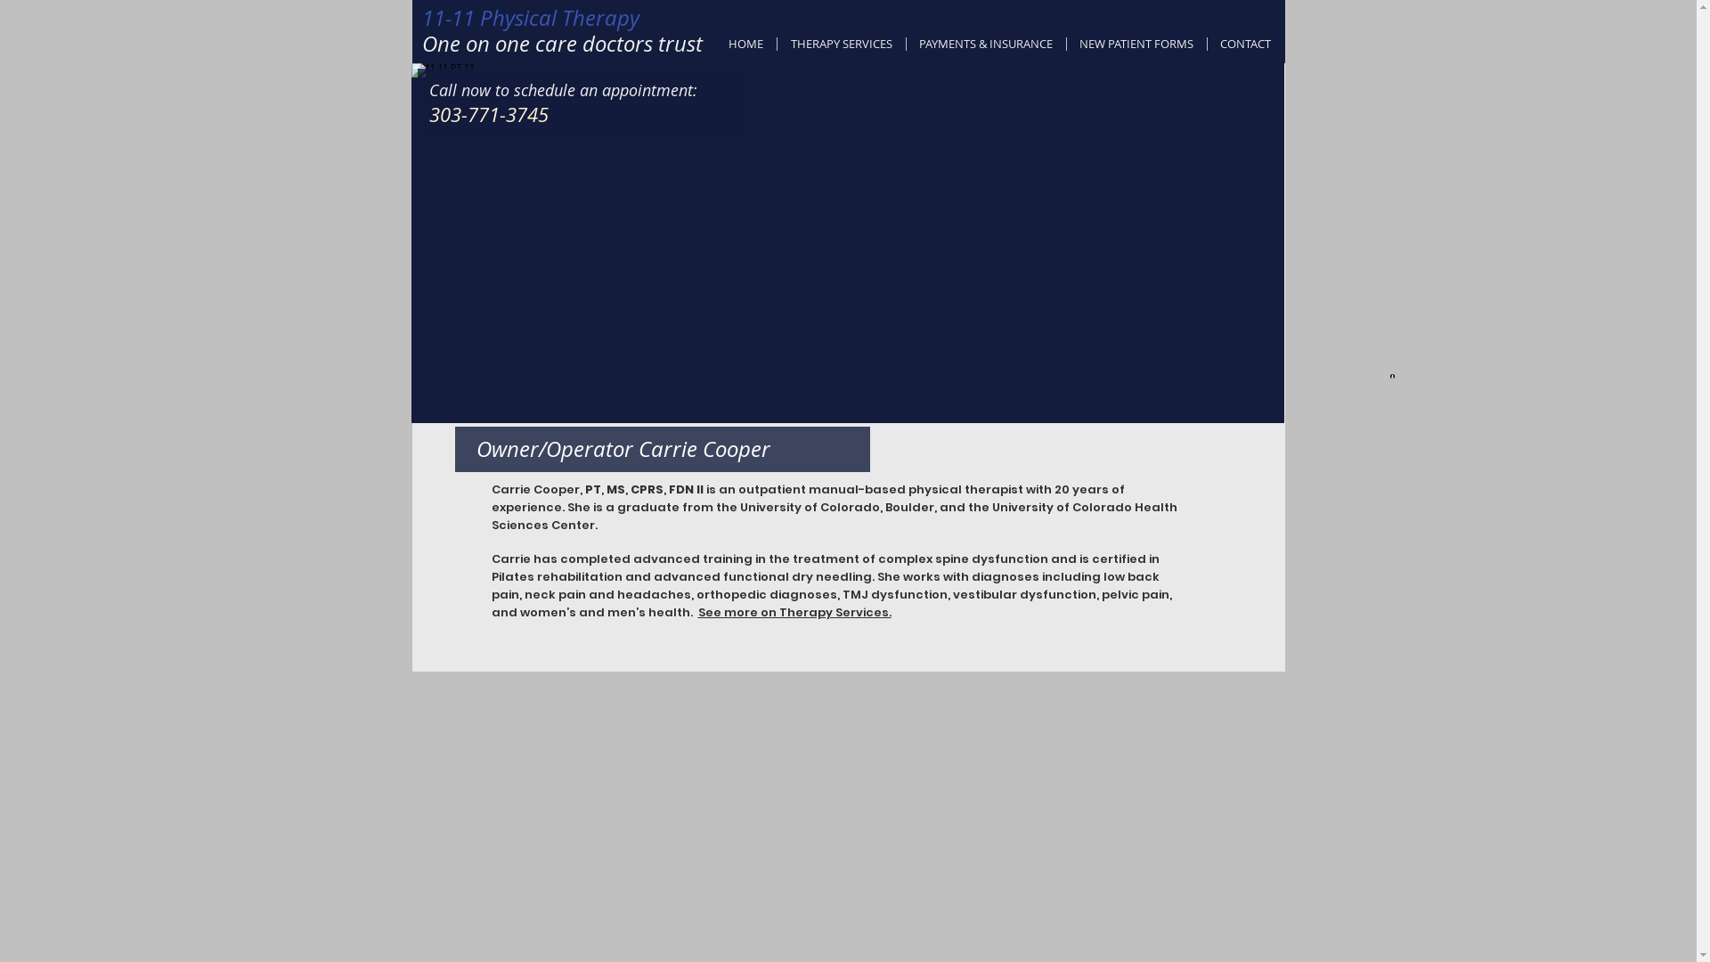 The width and height of the screenshot is (1710, 962). I want to click on 'PAYMENTS & INSURANCE', so click(906, 43).